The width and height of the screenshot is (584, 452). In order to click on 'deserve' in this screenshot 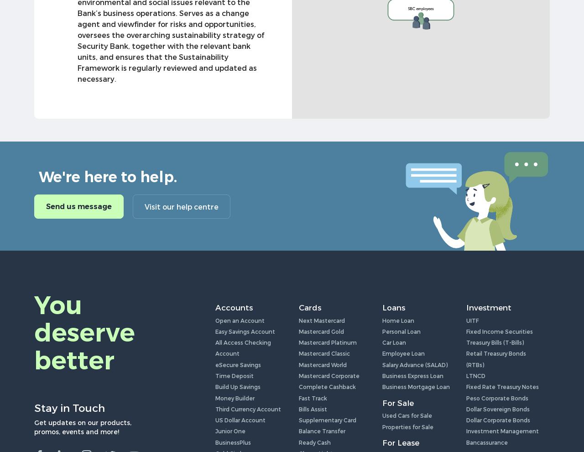, I will do `click(84, 332)`.